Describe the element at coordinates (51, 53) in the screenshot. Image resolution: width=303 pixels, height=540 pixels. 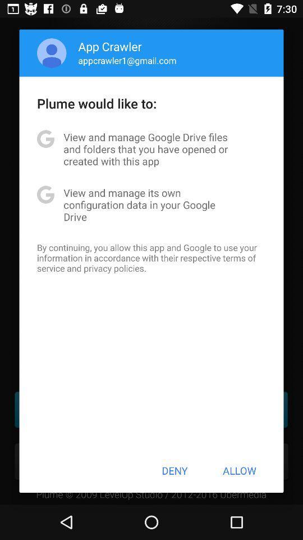
I see `the app to the left of app crawler icon` at that location.